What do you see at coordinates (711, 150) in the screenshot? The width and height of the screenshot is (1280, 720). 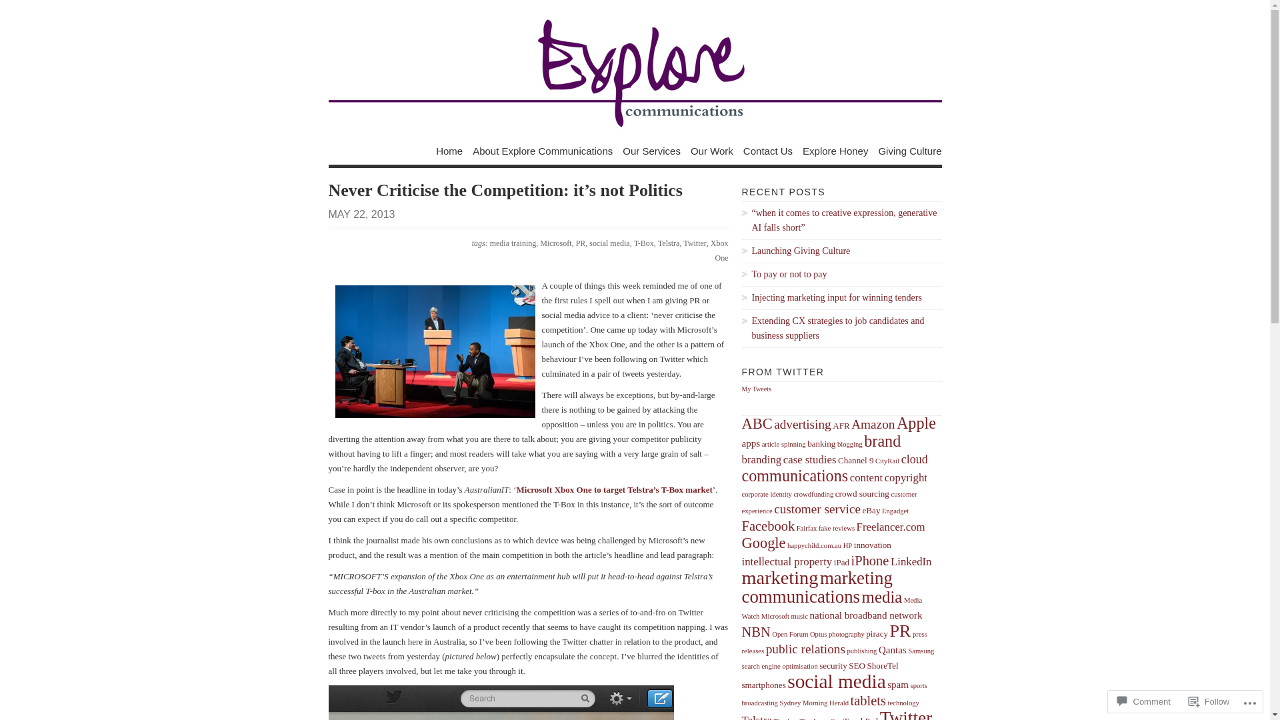 I see `'Our Work'` at bounding box center [711, 150].